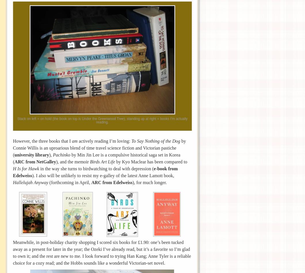 The width and height of the screenshot is (305, 273). I want to click on 'by Kyo Maclear has been compared to', so click(151, 161).